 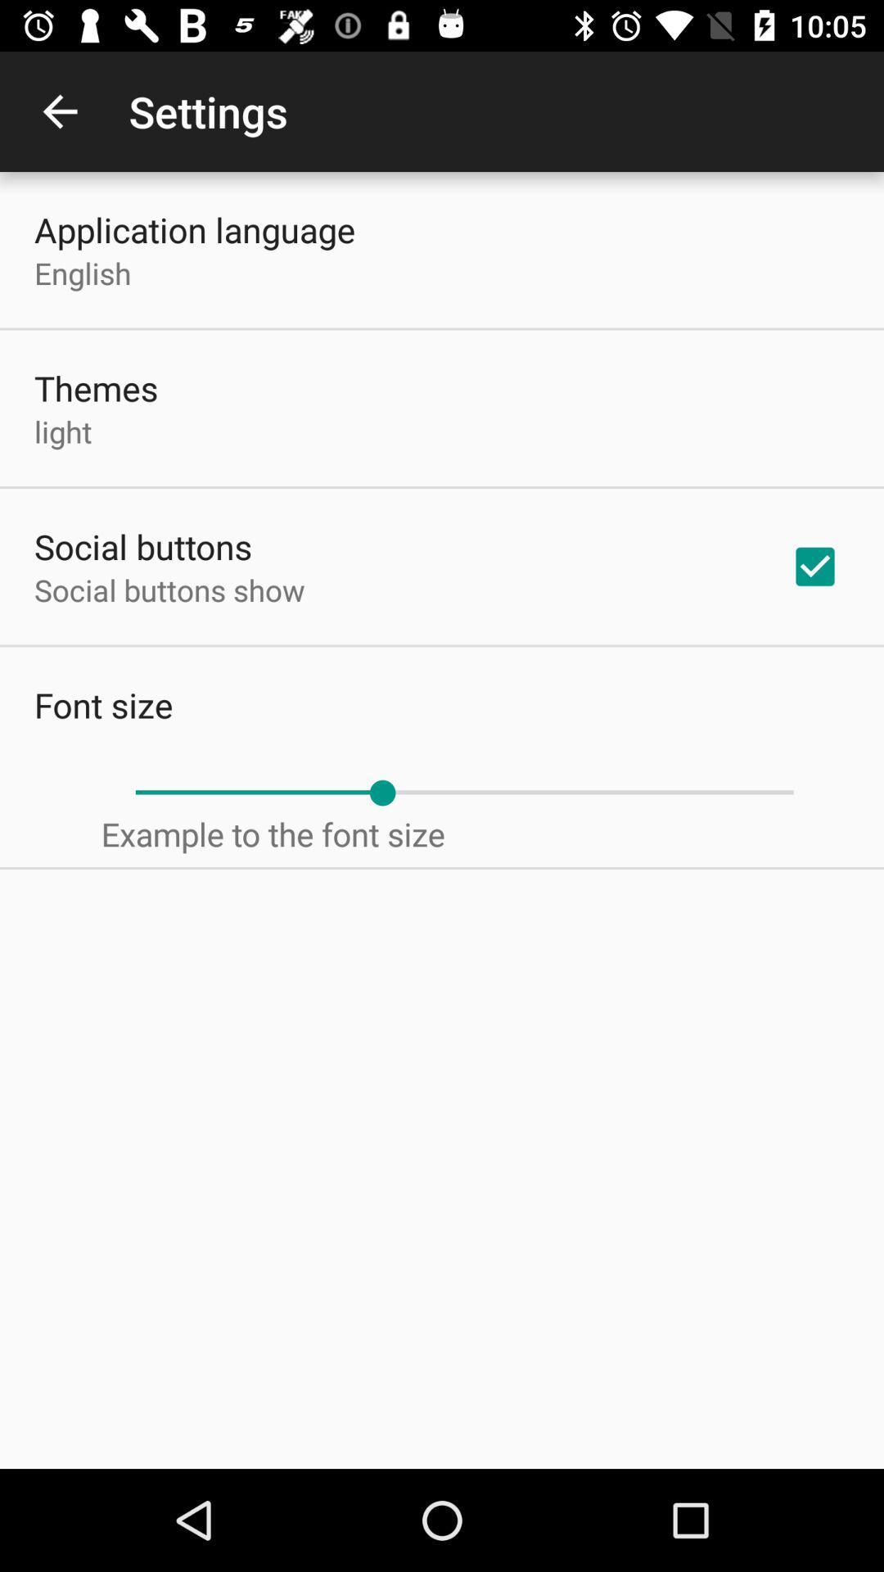 I want to click on the icon above application language item, so click(x=59, y=111).